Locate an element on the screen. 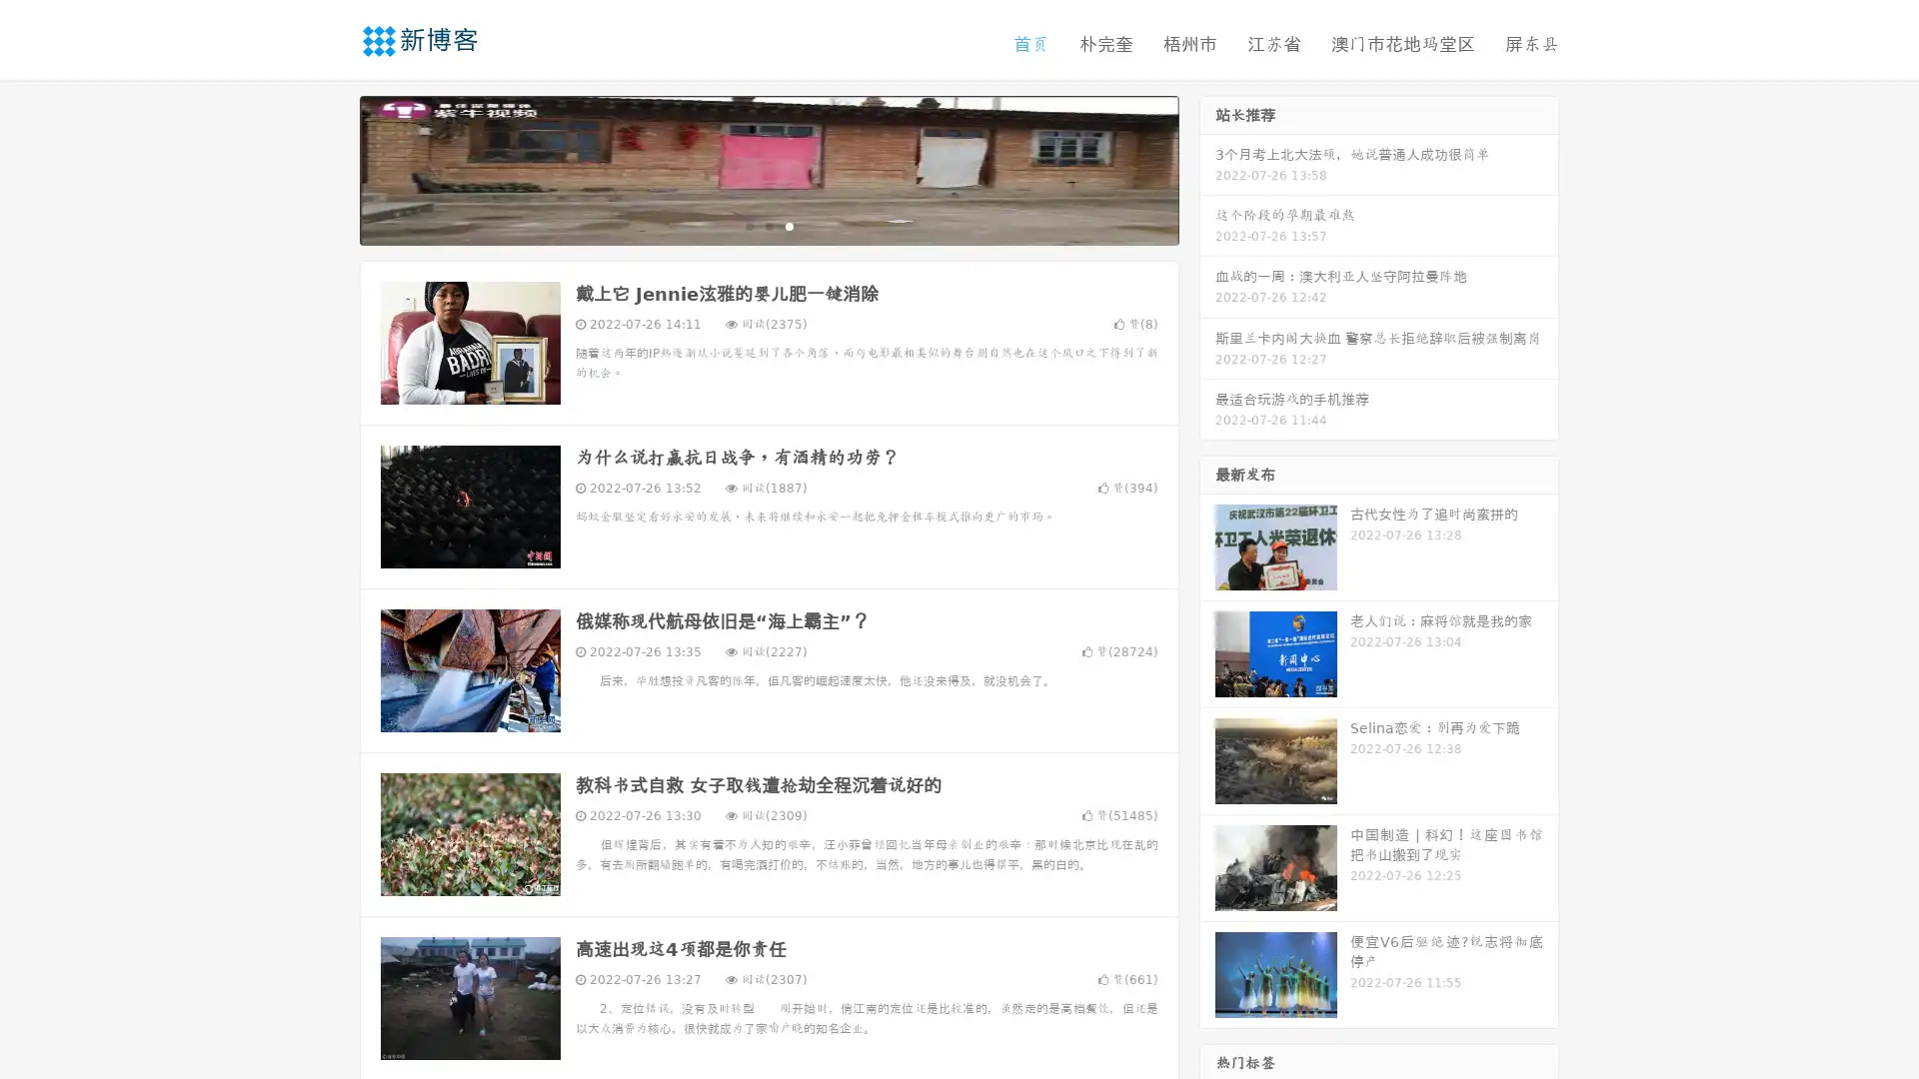  Next slide is located at coordinates (1207, 168).